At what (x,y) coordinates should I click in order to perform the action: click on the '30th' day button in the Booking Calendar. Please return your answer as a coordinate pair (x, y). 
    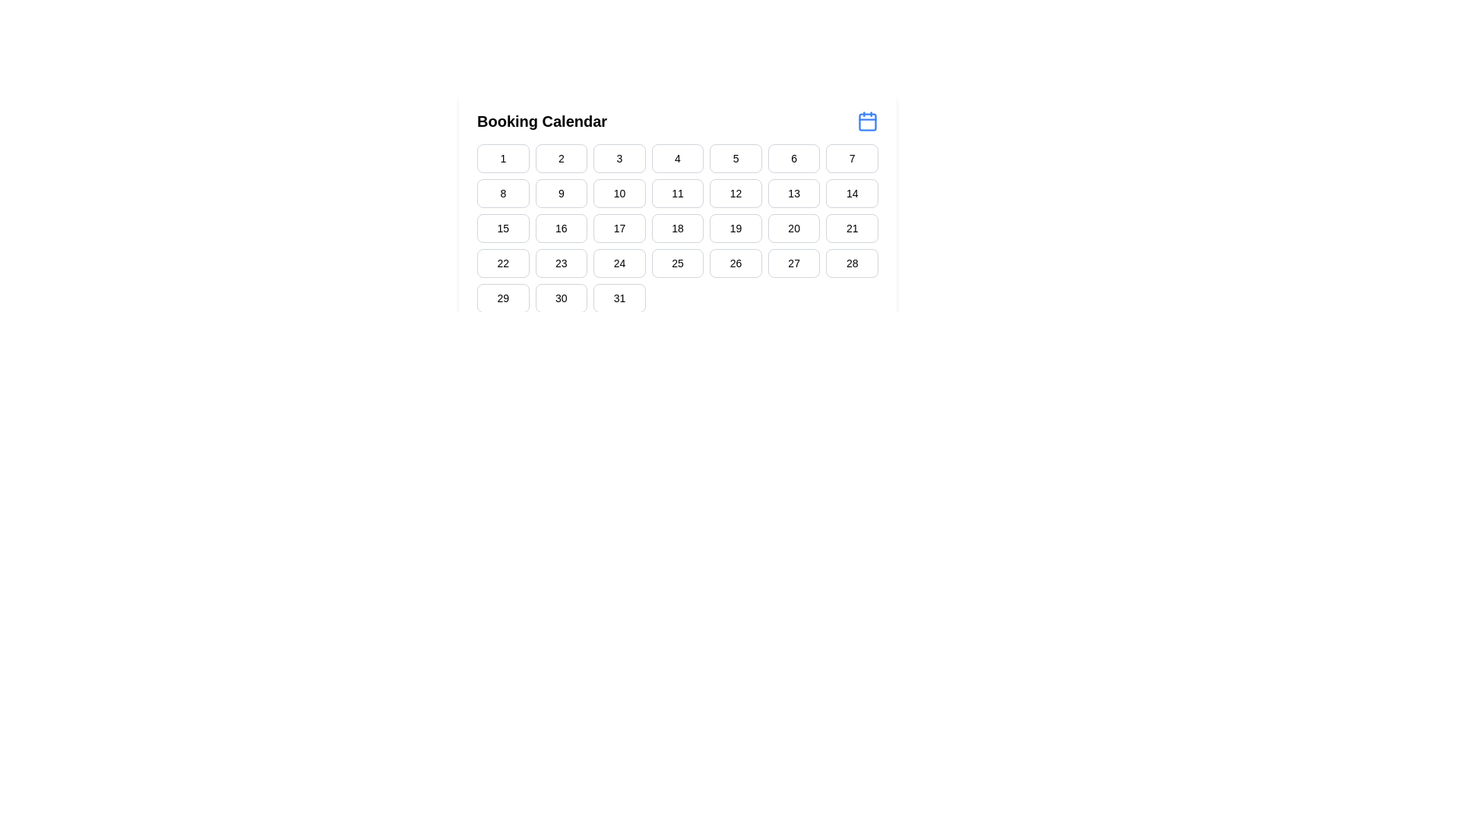
    Looking at the image, I should click on (560, 298).